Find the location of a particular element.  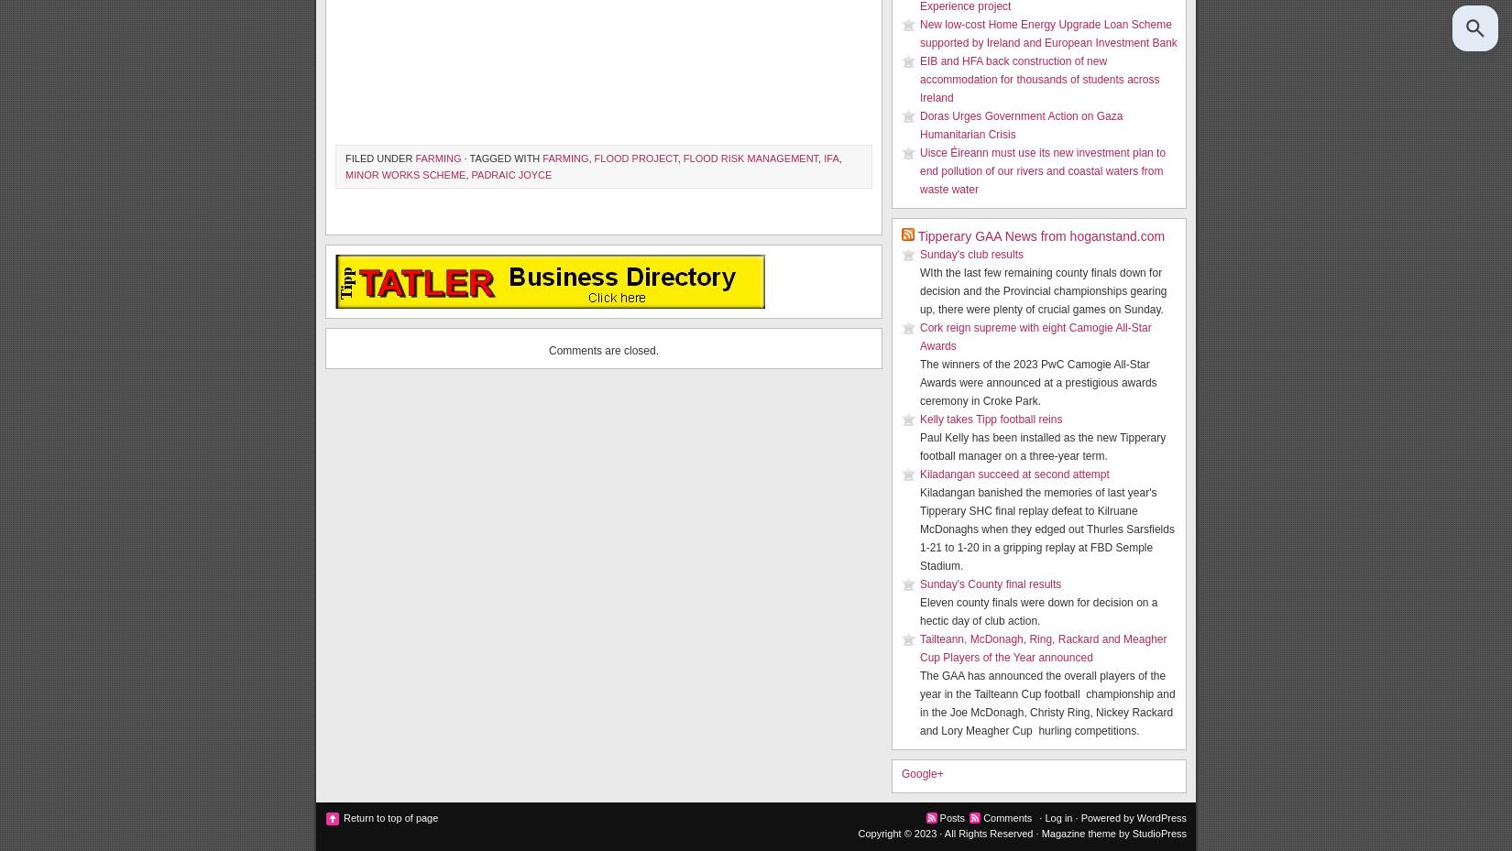

'Sunday's club results' is located at coordinates (971, 253).